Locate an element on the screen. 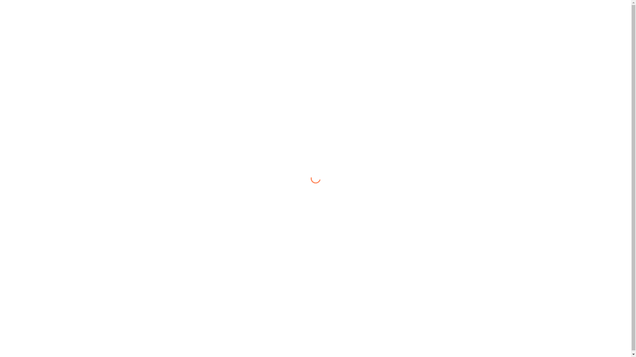 The width and height of the screenshot is (636, 357). 'loading' is located at coordinates (313, 177).